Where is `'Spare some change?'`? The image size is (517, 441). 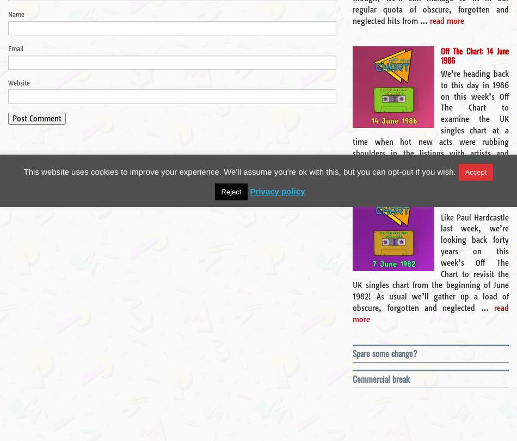 'Spare some change?' is located at coordinates (385, 352).